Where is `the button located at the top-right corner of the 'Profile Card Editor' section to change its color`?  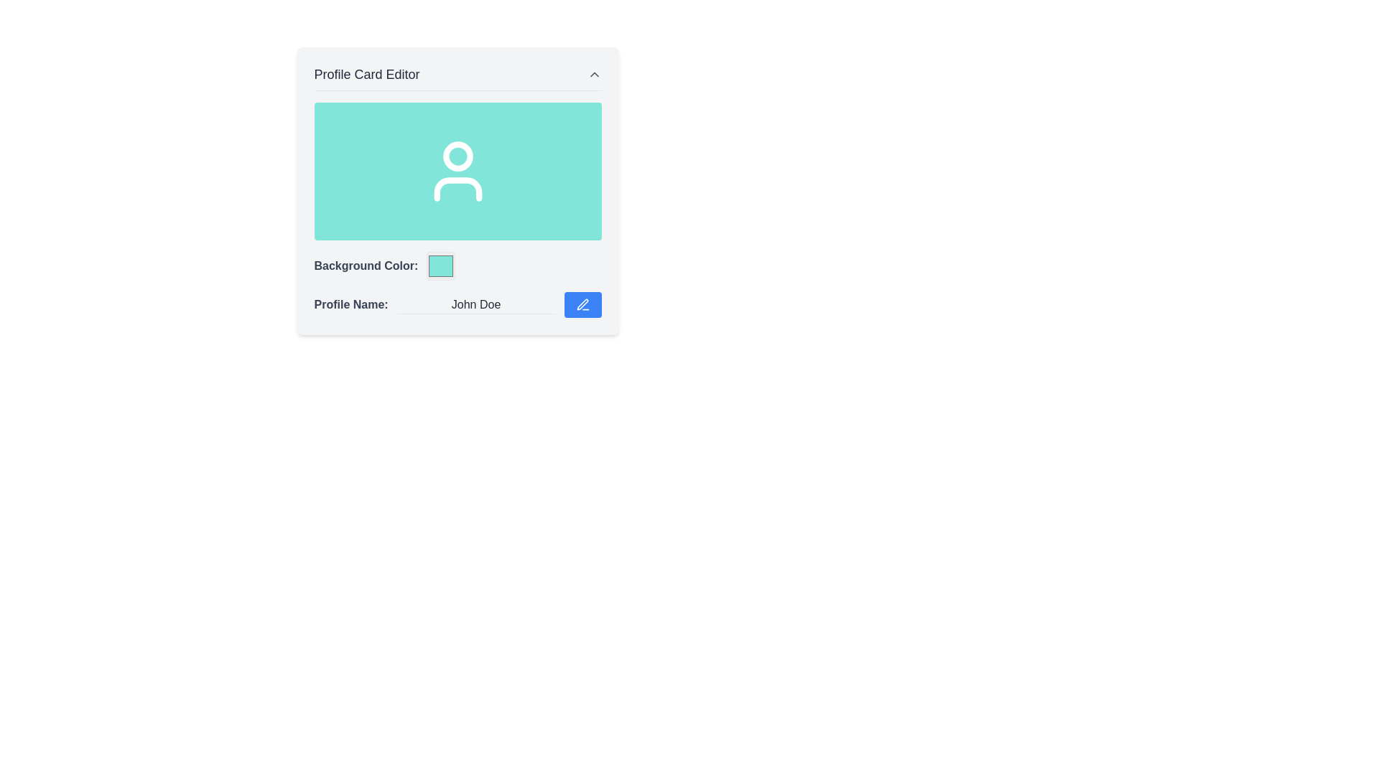 the button located at the top-right corner of the 'Profile Card Editor' section to change its color is located at coordinates (594, 75).